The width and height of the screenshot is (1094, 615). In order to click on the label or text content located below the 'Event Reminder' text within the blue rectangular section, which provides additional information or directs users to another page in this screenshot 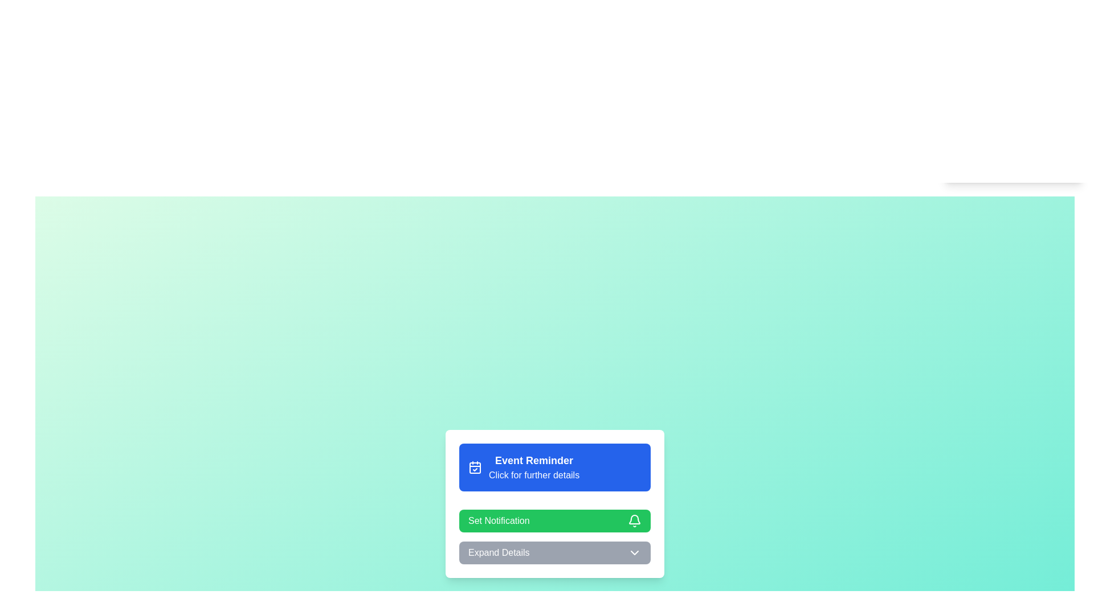, I will do `click(533, 475)`.